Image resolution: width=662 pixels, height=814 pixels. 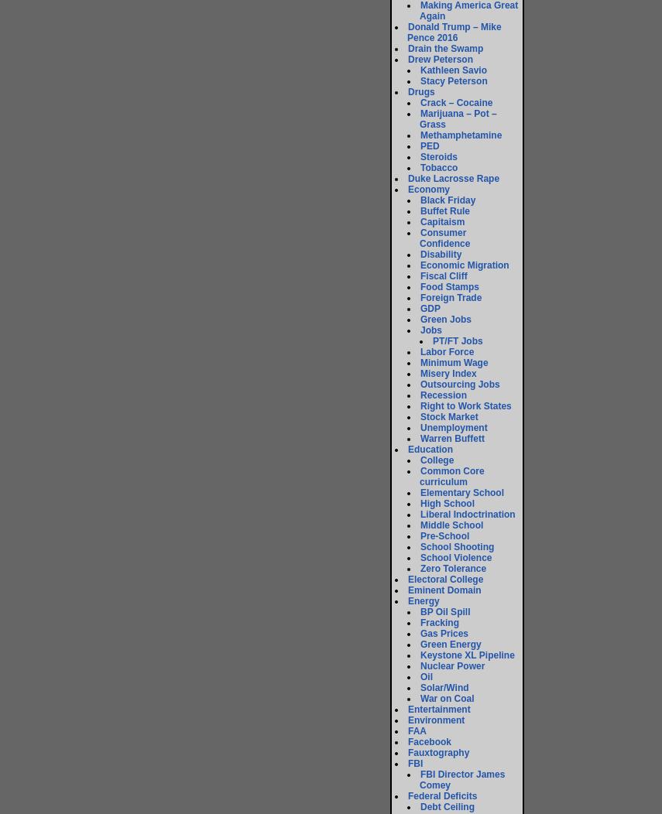 I want to click on 'Green Energy', so click(x=449, y=644).